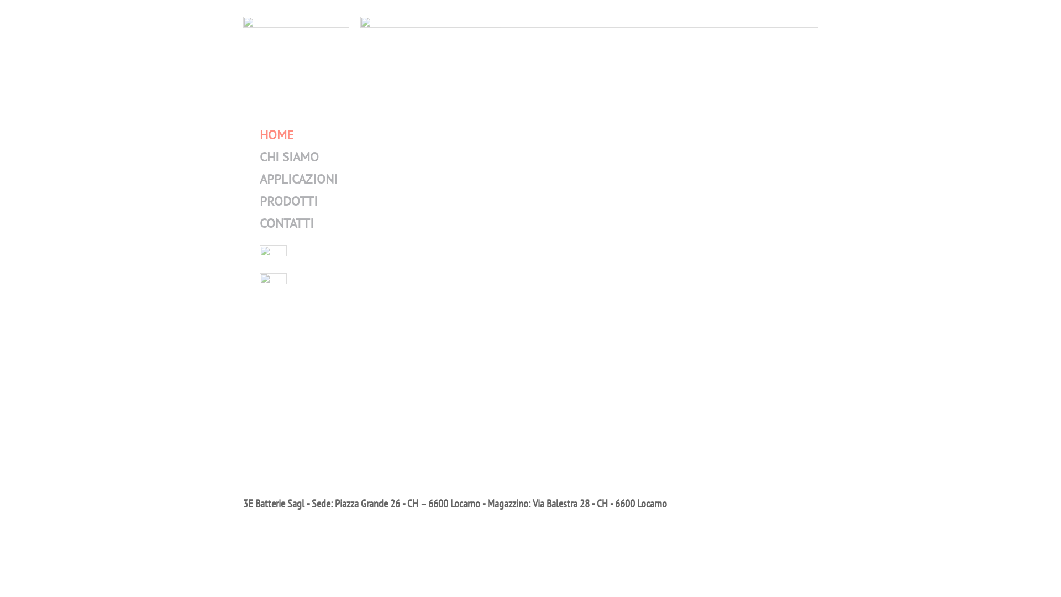 This screenshot has height=597, width=1061. Describe the element at coordinates (289, 156) in the screenshot. I see `'CHI SIAMO'` at that location.